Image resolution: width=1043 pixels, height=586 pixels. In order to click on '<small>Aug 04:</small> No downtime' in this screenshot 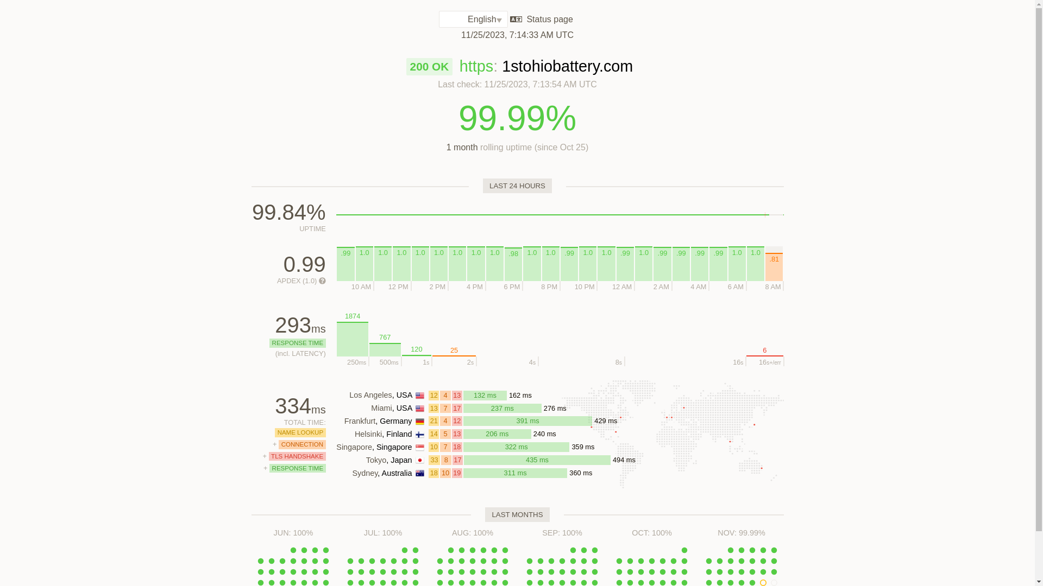, I will do `click(482, 550)`.